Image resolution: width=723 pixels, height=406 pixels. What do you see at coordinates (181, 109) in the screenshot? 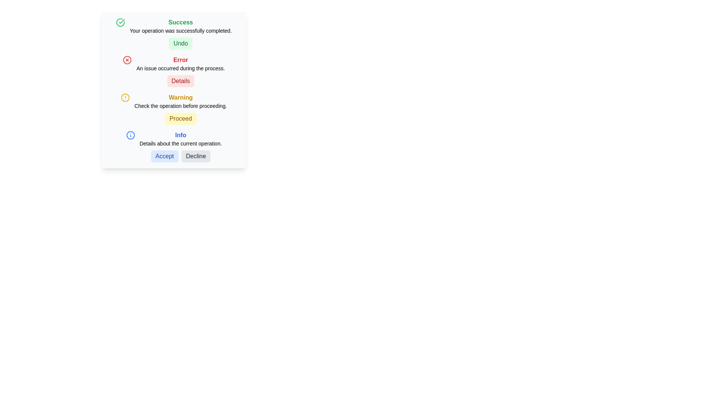
I see `the 'Proceed' button located at the bottom of the warning panel with the title 'Warning' and instructional text 'Check the operation before proceeding.'` at bounding box center [181, 109].